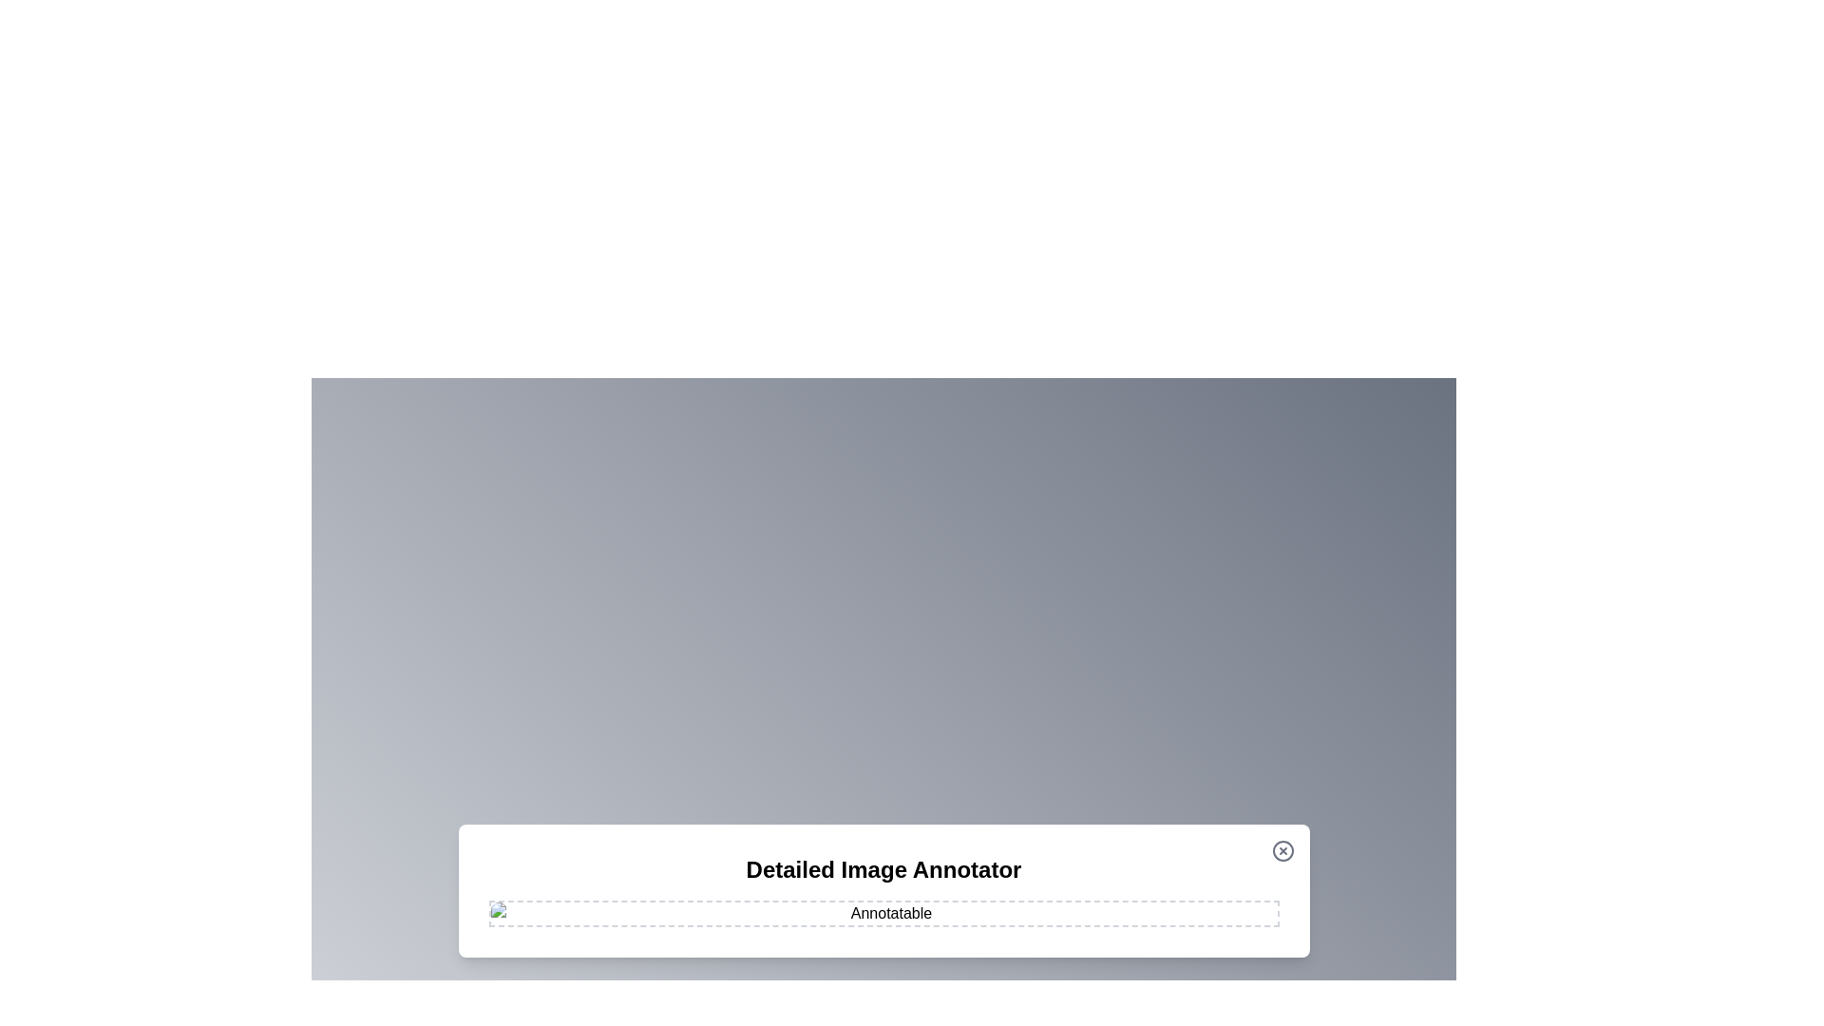  What do you see at coordinates (510, 914) in the screenshot?
I see `the image at coordinates (537, 963) to add an annotation` at bounding box center [510, 914].